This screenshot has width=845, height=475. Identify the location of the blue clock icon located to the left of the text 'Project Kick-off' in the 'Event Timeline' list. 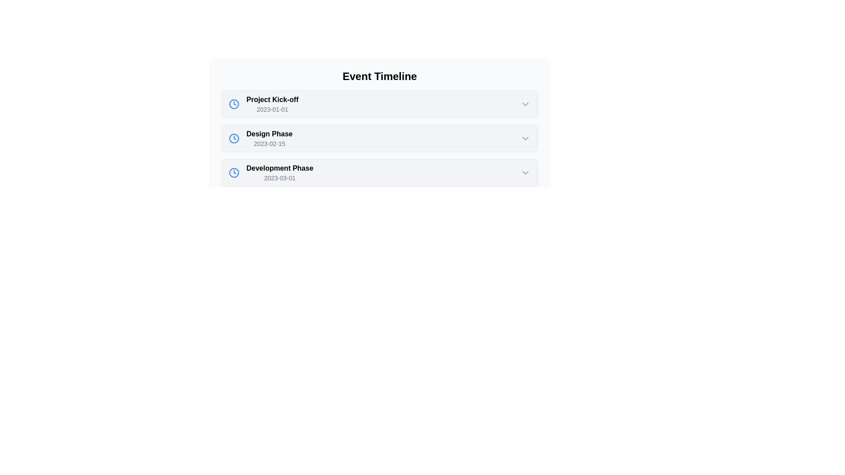
(234, 103).